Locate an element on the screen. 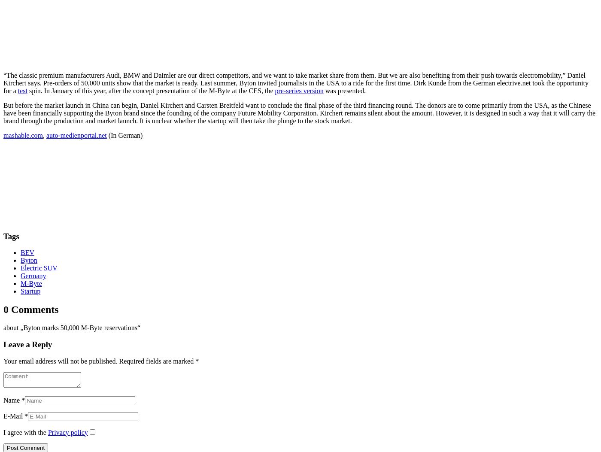 The height and width of the screenshot is (452, 601). '*' is located at coordinates (197, 360).